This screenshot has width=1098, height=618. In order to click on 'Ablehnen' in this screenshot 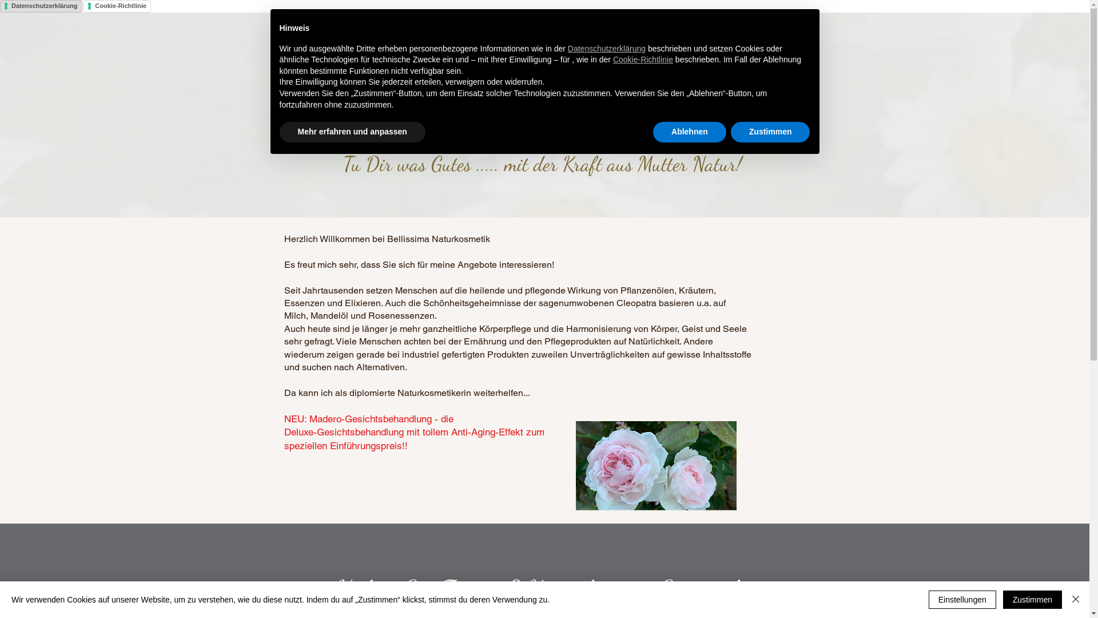, I will do `click(653, 132)`.